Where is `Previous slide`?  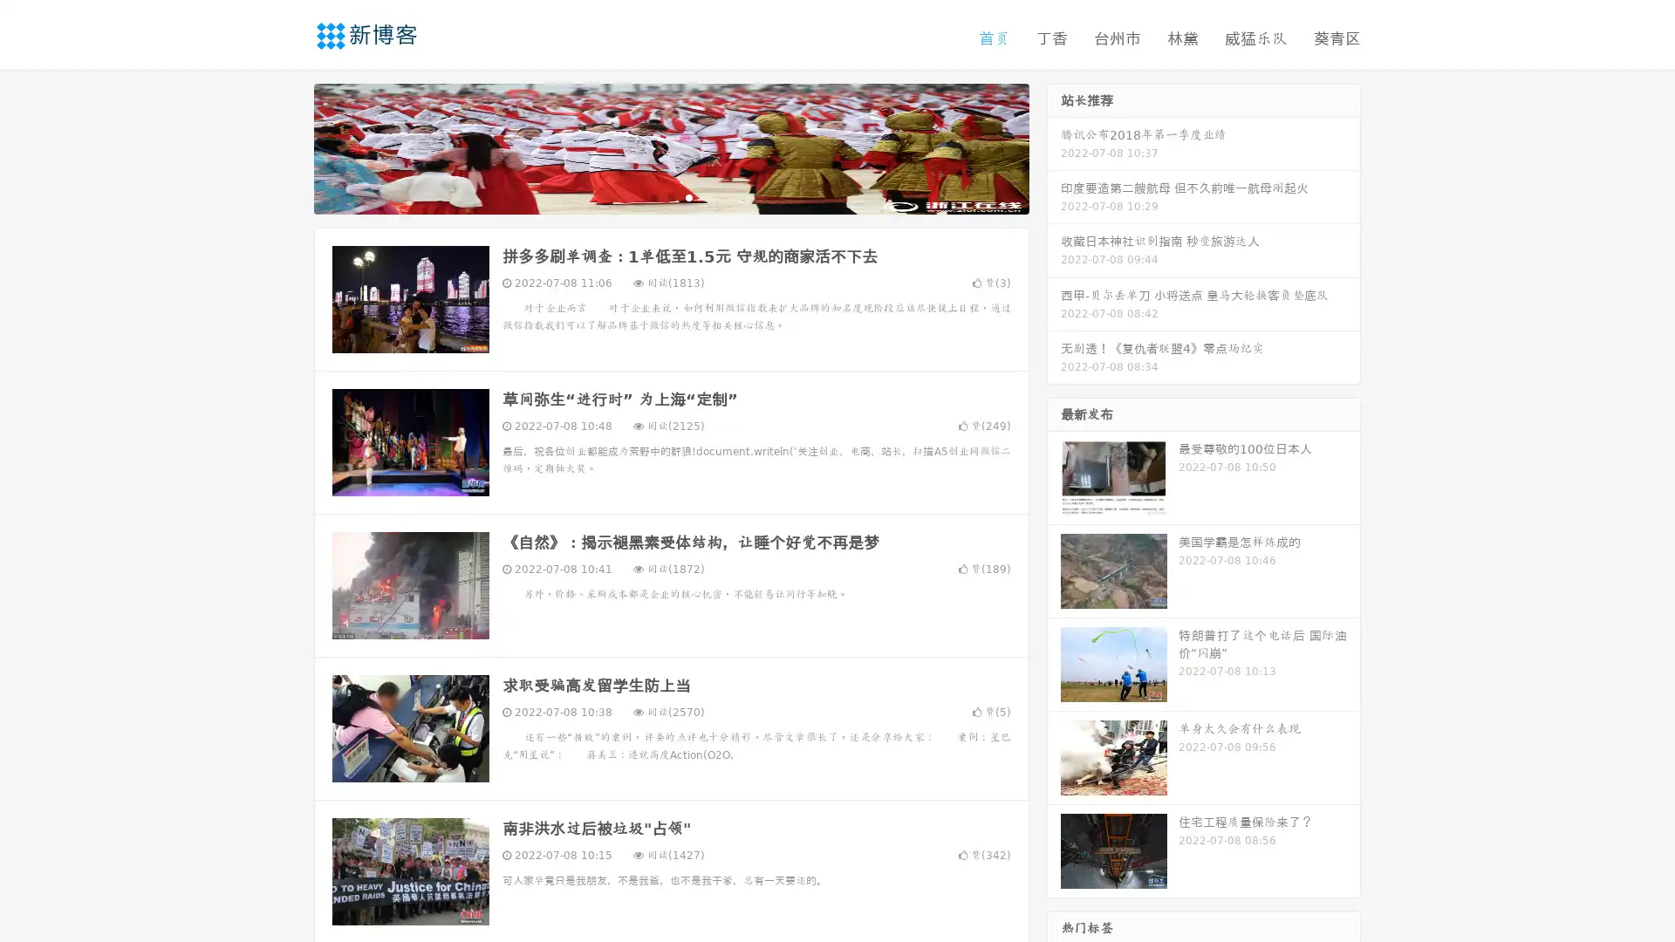 Previous slide is located at coordinates (288, 147).